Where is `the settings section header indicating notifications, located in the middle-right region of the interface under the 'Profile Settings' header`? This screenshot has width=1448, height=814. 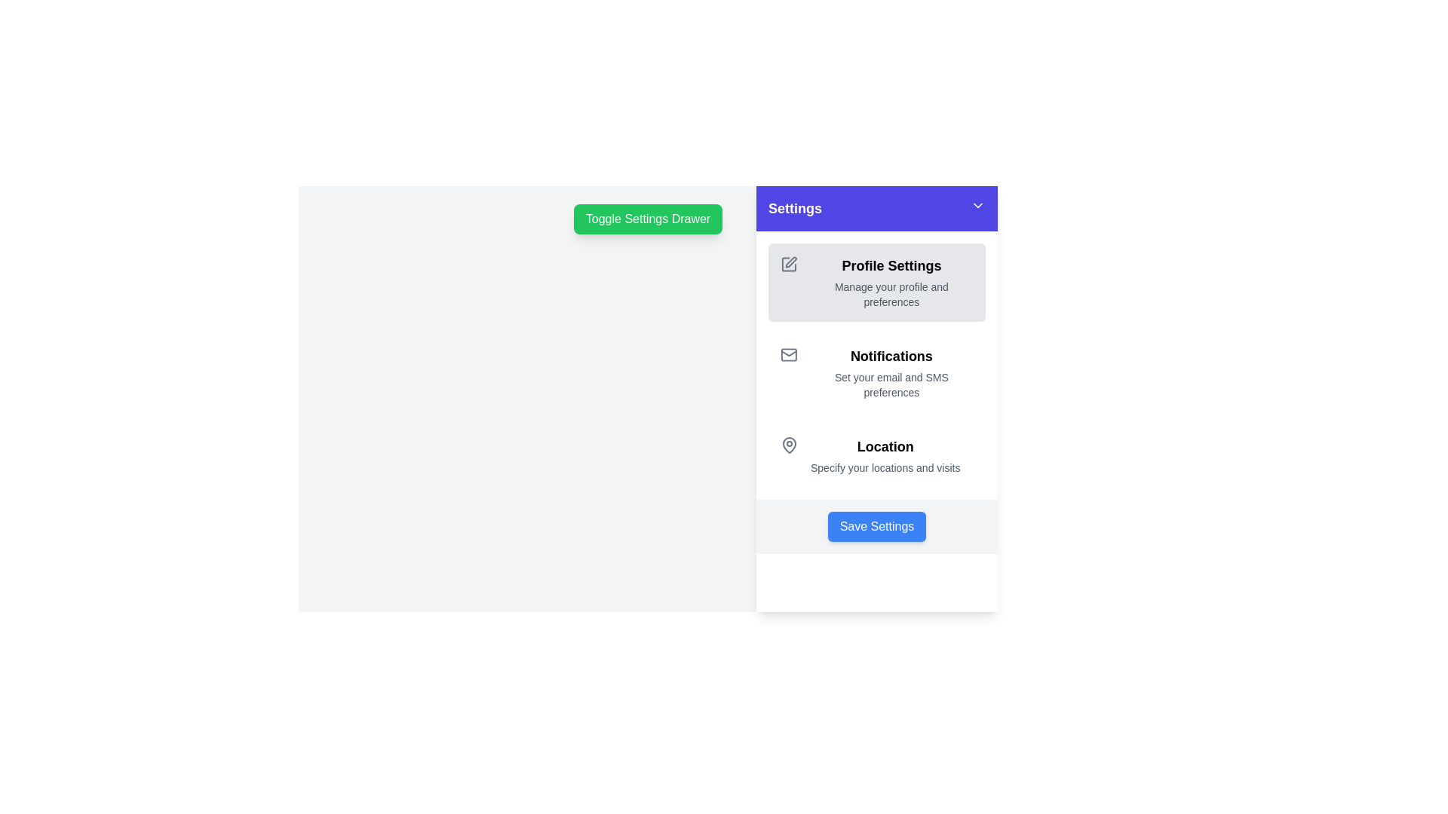
the settings section header indicating notifications, located in the middle-right region of the interface under the 'Profile Settings' header is located at coordinates (891, 357).